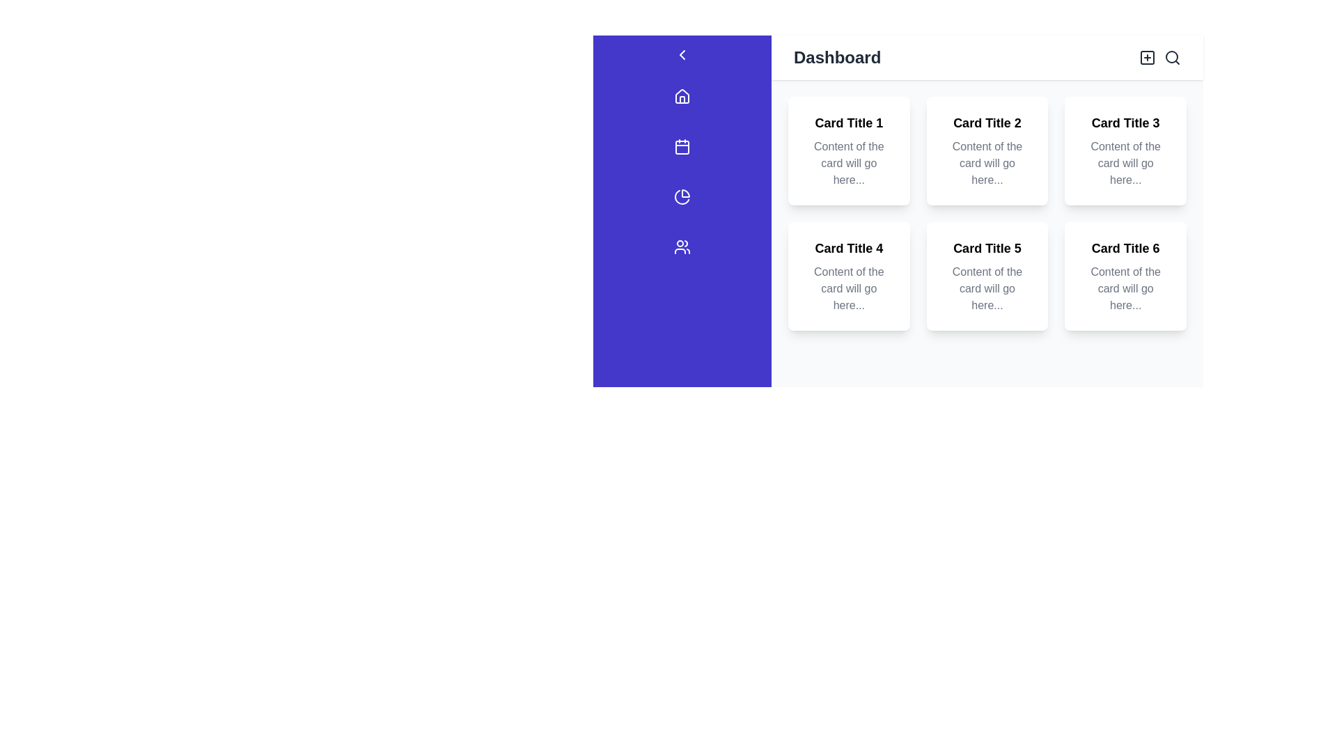  I want to click on the top segment of the pie-chart icon located in the left-hand vertical sidebar, which is the third item in the sequence of icons, so click(685, 193).